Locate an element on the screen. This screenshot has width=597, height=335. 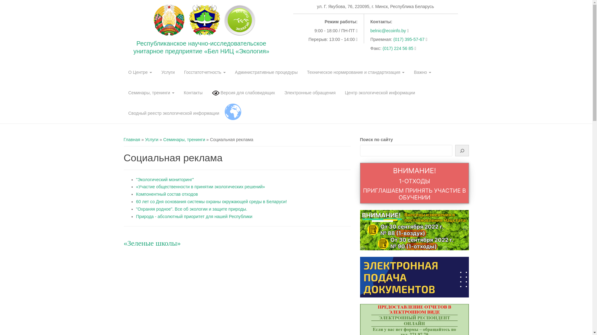
'(017) 224 56 85' is located at coordinates (398, 48).